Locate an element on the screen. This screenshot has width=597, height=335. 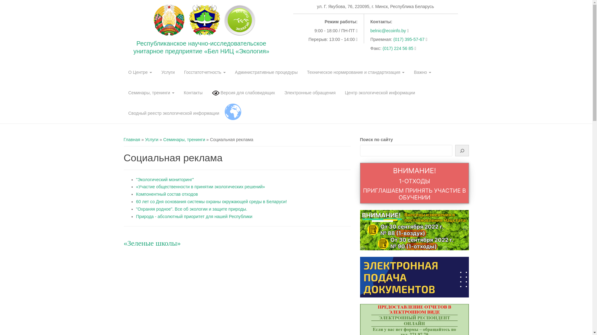
'(017) 224 56 85' is located at coordinates (398, 48).